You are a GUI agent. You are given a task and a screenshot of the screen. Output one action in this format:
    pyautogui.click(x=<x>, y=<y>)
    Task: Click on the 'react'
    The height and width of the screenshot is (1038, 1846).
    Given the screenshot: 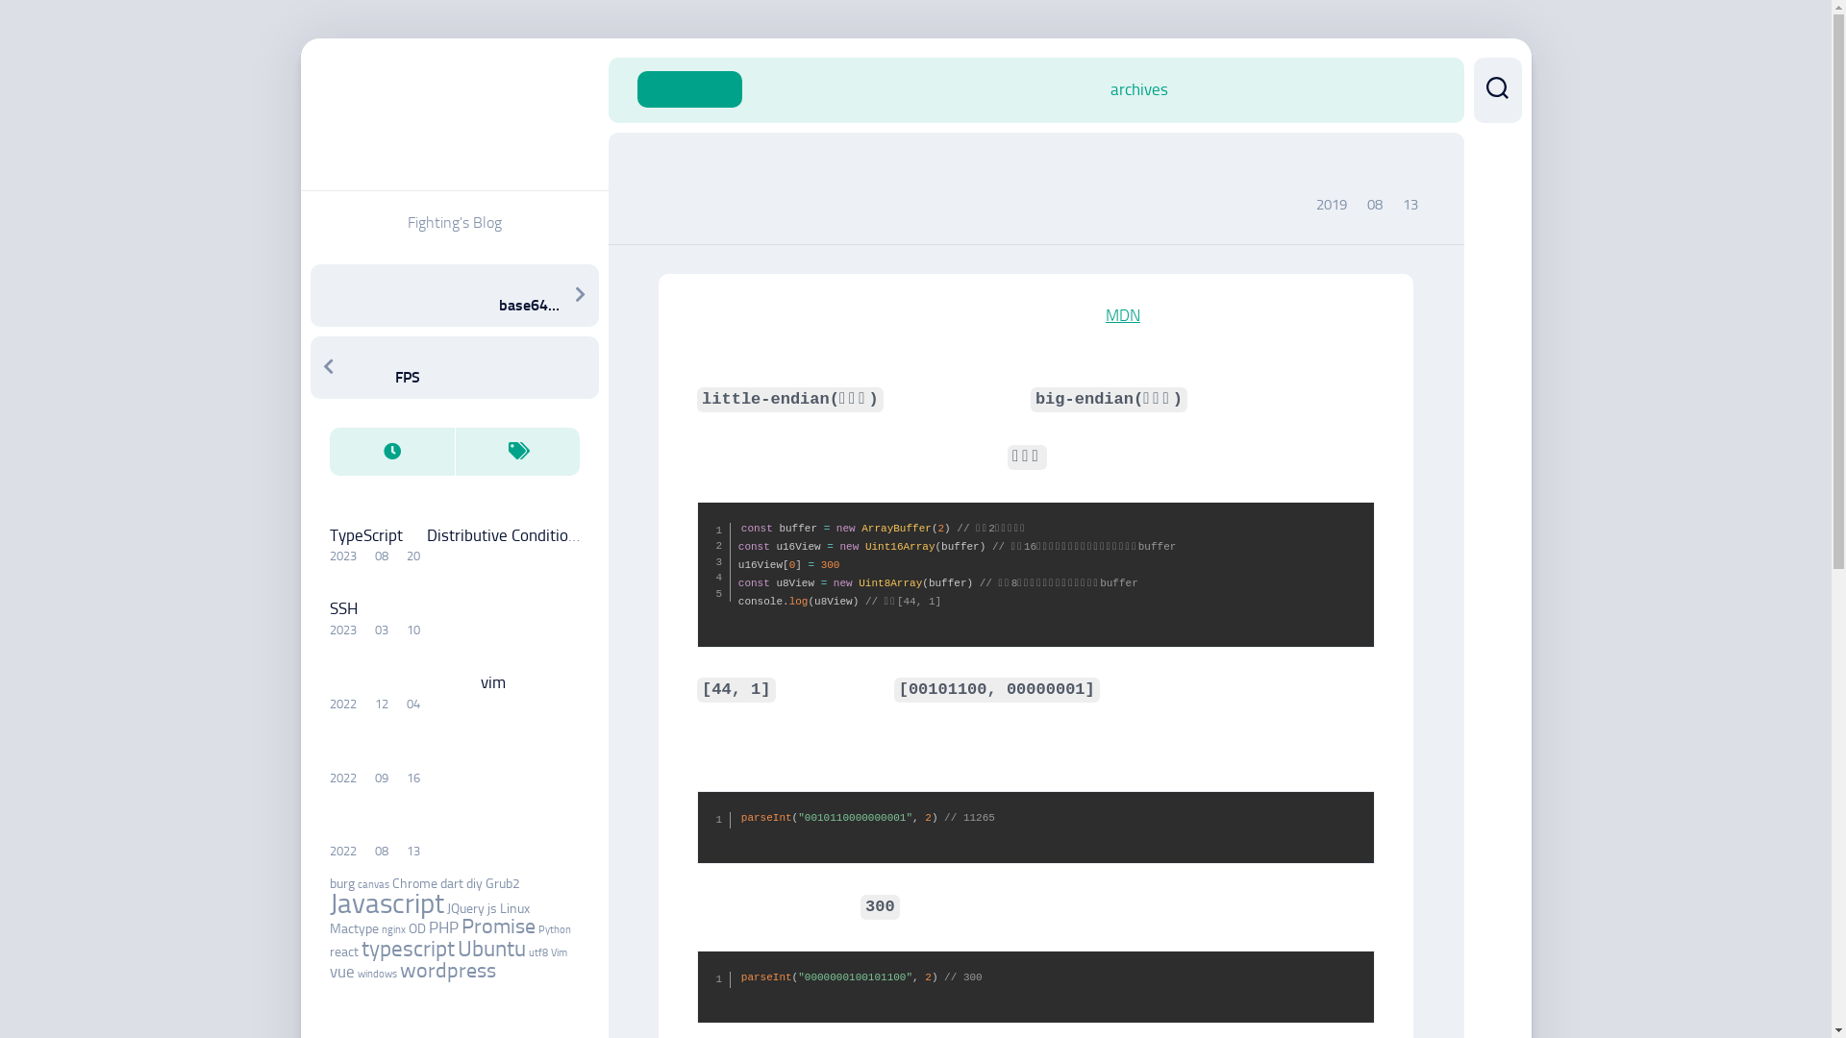 What is the action you would take?
    pyautogui.click(x=342, y=951)
    